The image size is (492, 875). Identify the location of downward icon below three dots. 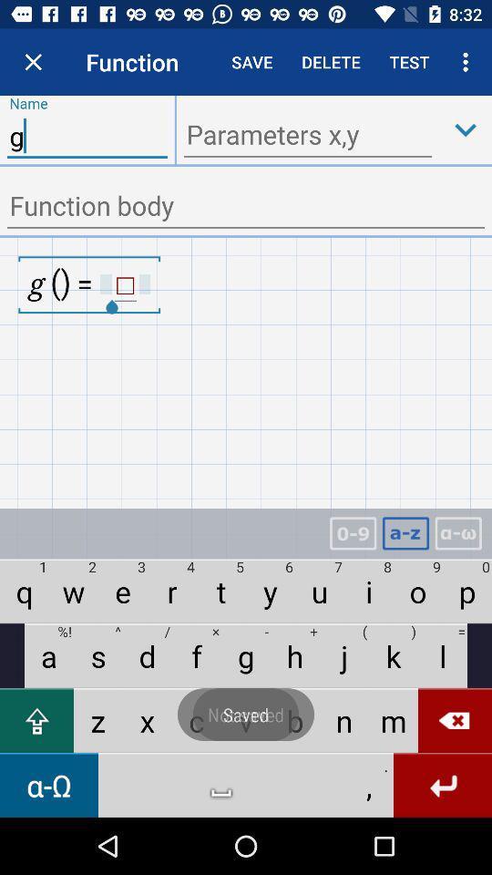
(466, 129).